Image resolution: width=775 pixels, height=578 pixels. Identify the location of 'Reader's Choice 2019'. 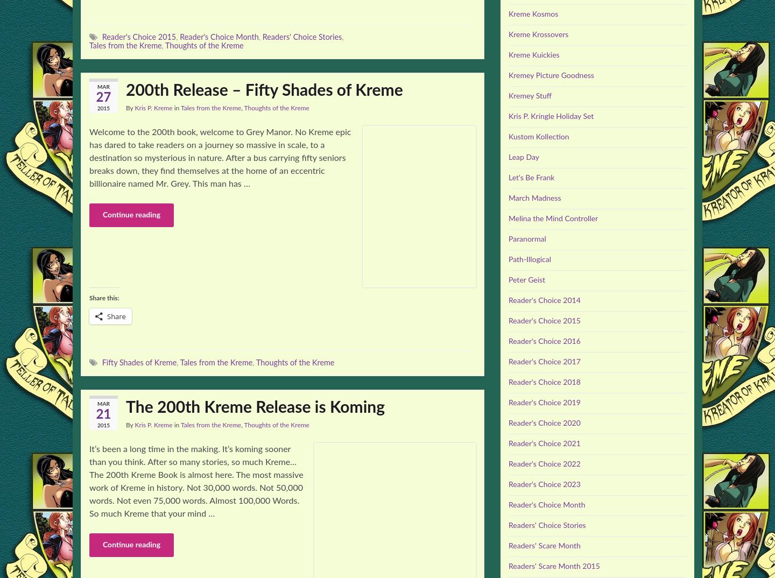
(544, 403).